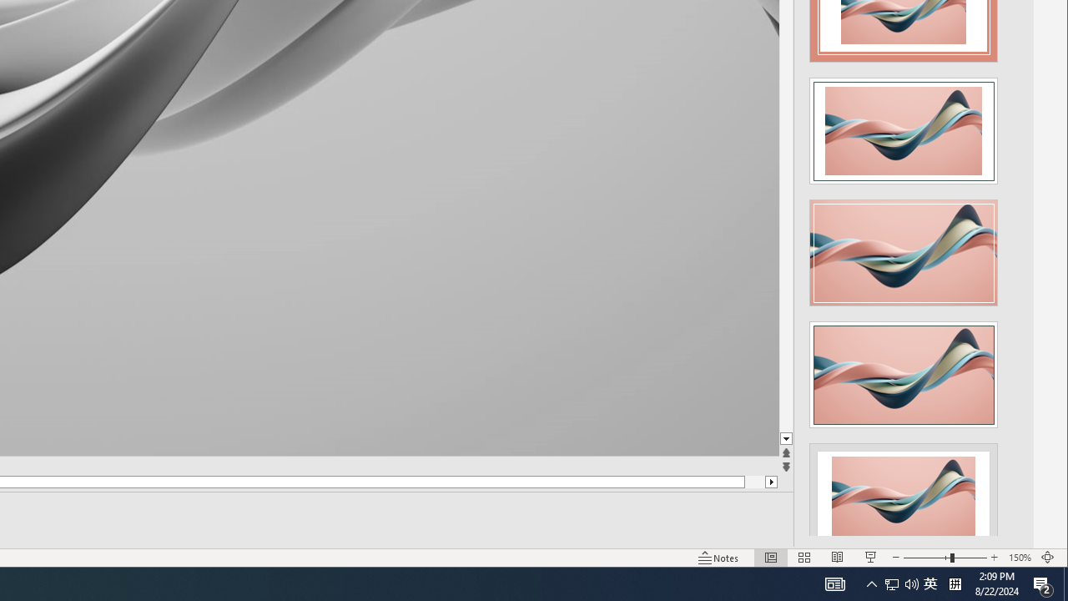 The height and width of the screenshot is (601, 1068). What do you see at coordinates (1019, 558) in the screenshot?
I see `'Zoom 150%'` at bounding box center [1019, 558].